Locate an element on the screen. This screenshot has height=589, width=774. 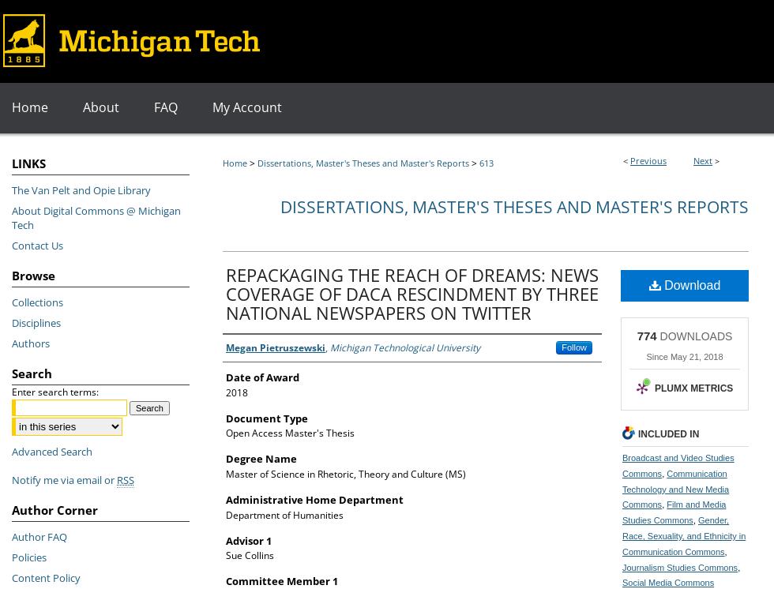
'Department of Humanities' is located at coordinates (284, 513).